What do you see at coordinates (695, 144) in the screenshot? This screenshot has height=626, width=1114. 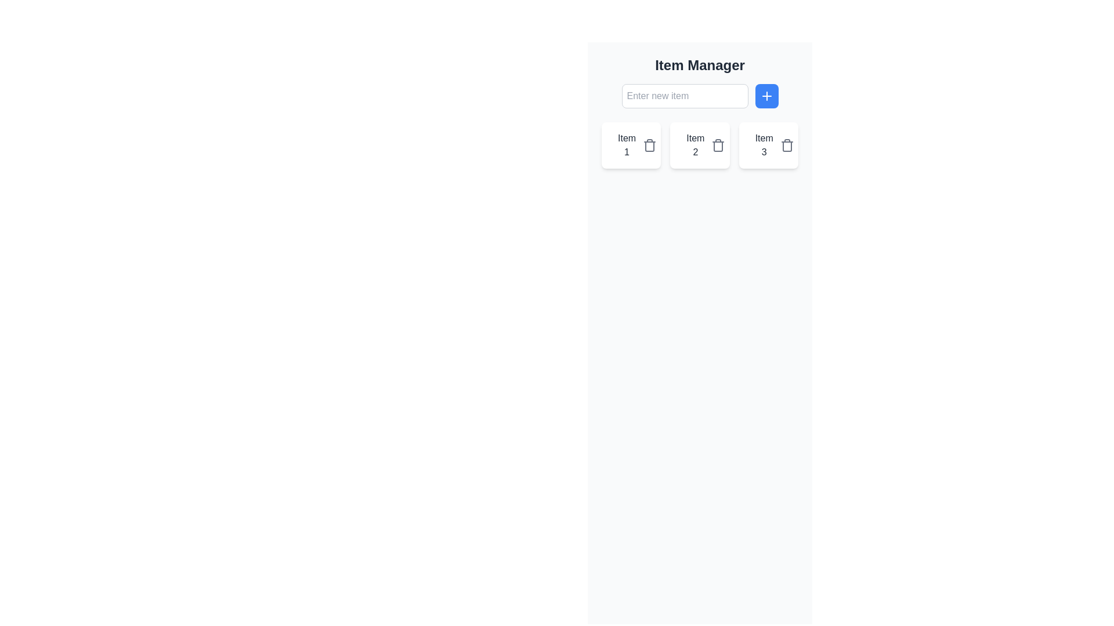 I see `the static text label displaying 'Item 2' which is center-aligned in a white rounded rectangular card, positioned below the header 'Item Manager'` at bounding box center [695, 144].